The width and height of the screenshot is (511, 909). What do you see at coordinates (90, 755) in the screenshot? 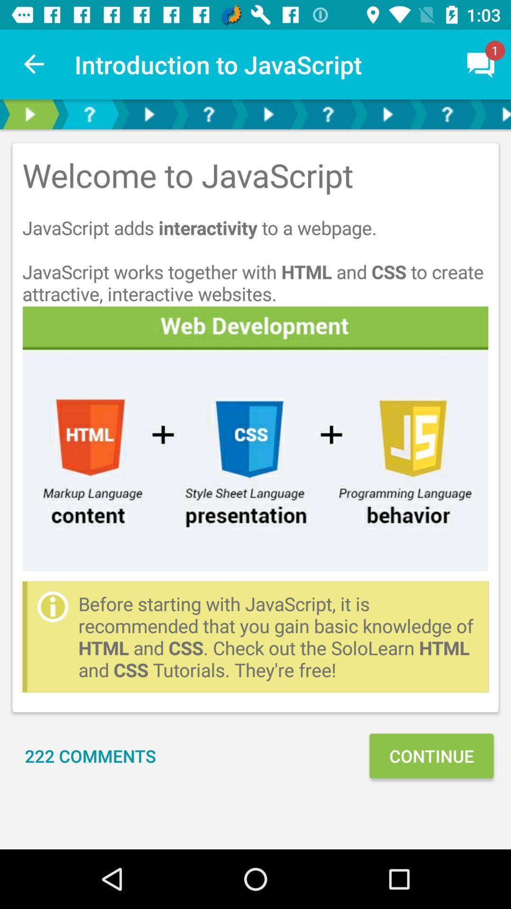
I see `item below before starting with icon` at bounding box center [90, 755].